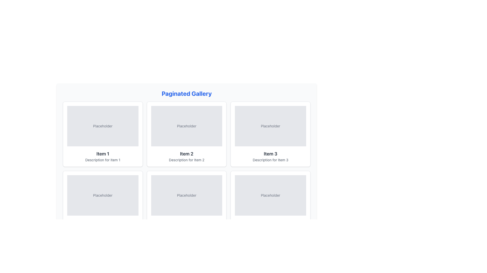 Image resolution: width=487 pixels, height=273 pixels. I want to click on the Static Placeholder Block, which is a rectangular area with a light gray background and labeled 'Placeholder' in smaller gray text, located in the second row, second column of the paginated gallery under 'Item 5', so click(186, 195).